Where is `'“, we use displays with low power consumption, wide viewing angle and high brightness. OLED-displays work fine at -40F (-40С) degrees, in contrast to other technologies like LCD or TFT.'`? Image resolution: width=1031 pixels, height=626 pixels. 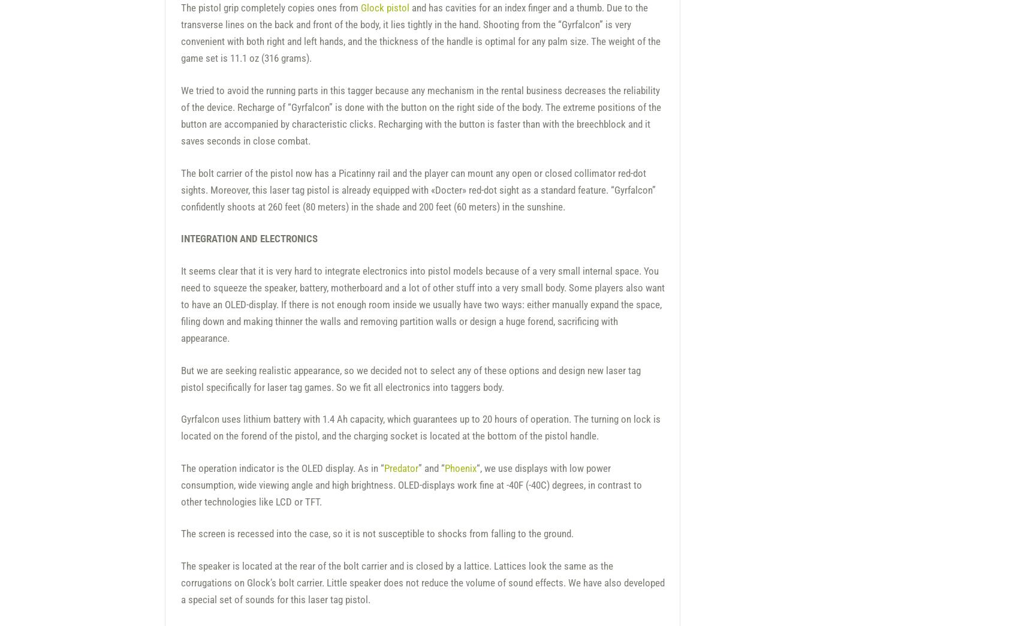
'“, we use displays with low power consumption, wide viewing angle and high brightness. OLED-displays work fine at -40F (-40С) degrees, in contrast to other technologies like LCD or TFT.' is located at coordinates (411, 483).